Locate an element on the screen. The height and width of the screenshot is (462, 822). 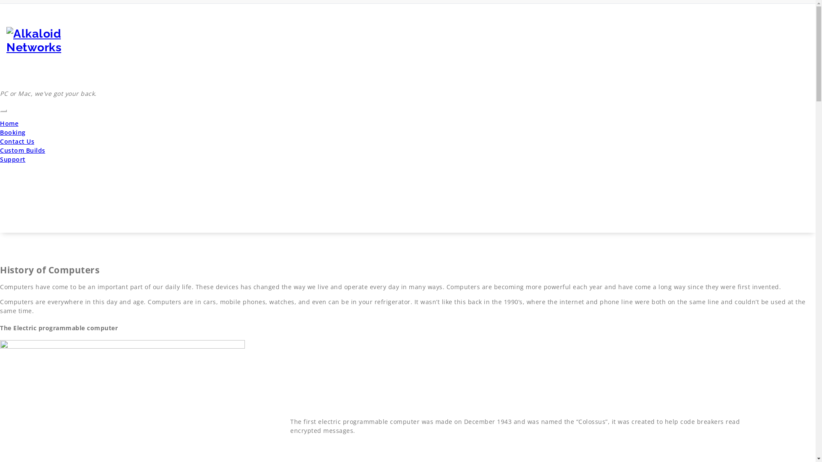
'Toggle navigation' is located at coordinates (3, 110).